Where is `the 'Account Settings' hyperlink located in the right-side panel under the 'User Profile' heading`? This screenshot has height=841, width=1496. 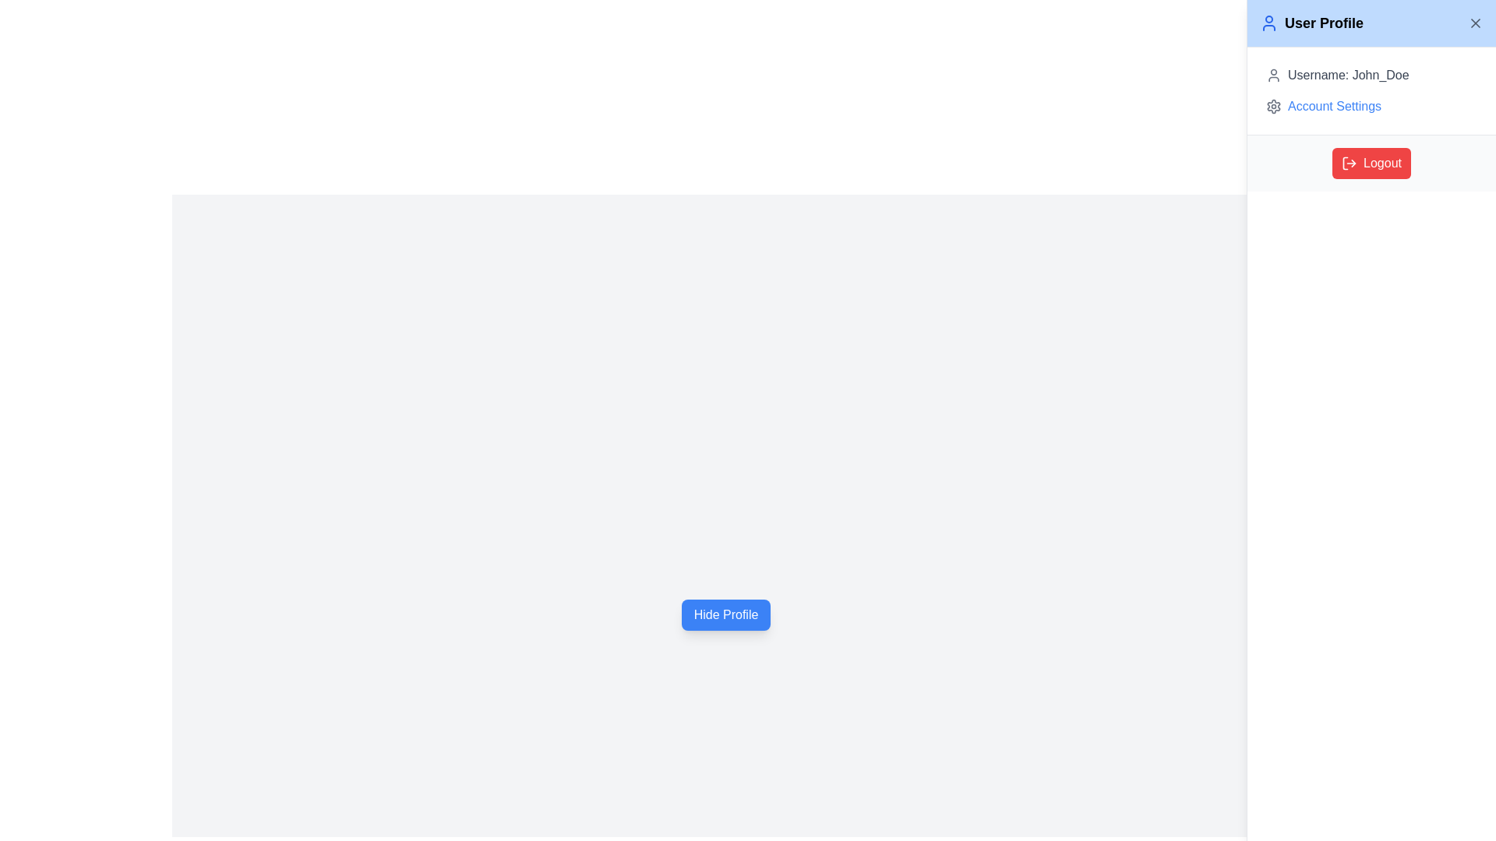 the 'Account Settings' hyperlink located in the right-side panel under the 'User Profile' heading is located at coordinates (1334, 106).